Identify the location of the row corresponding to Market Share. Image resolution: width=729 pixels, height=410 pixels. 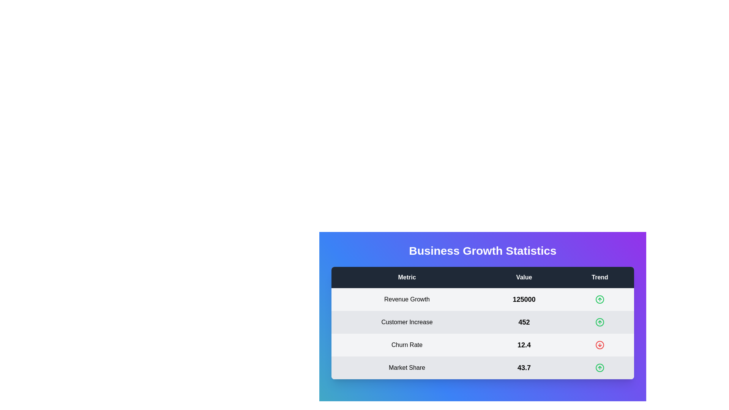
(482, 367).